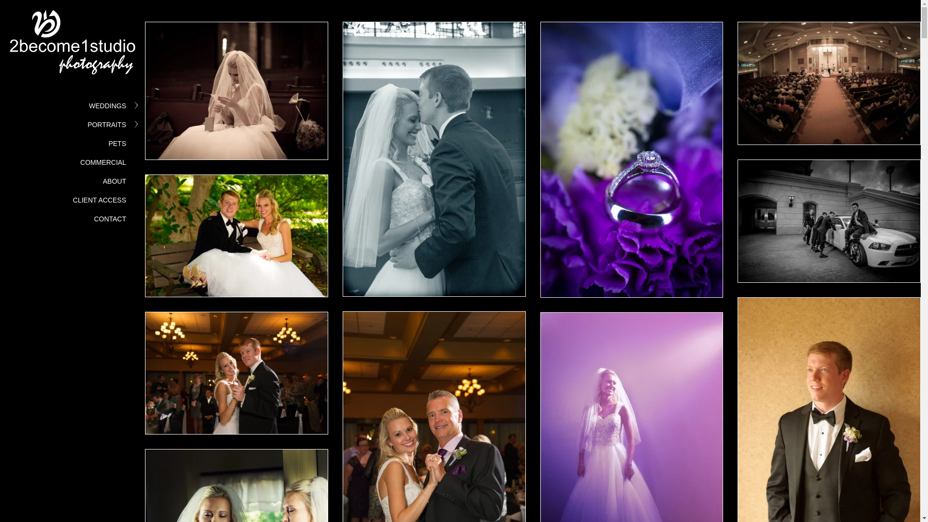 The width and height of the screenshot is (928, 522). I want to click on 'COMMERCIAL', so click(103, 161).